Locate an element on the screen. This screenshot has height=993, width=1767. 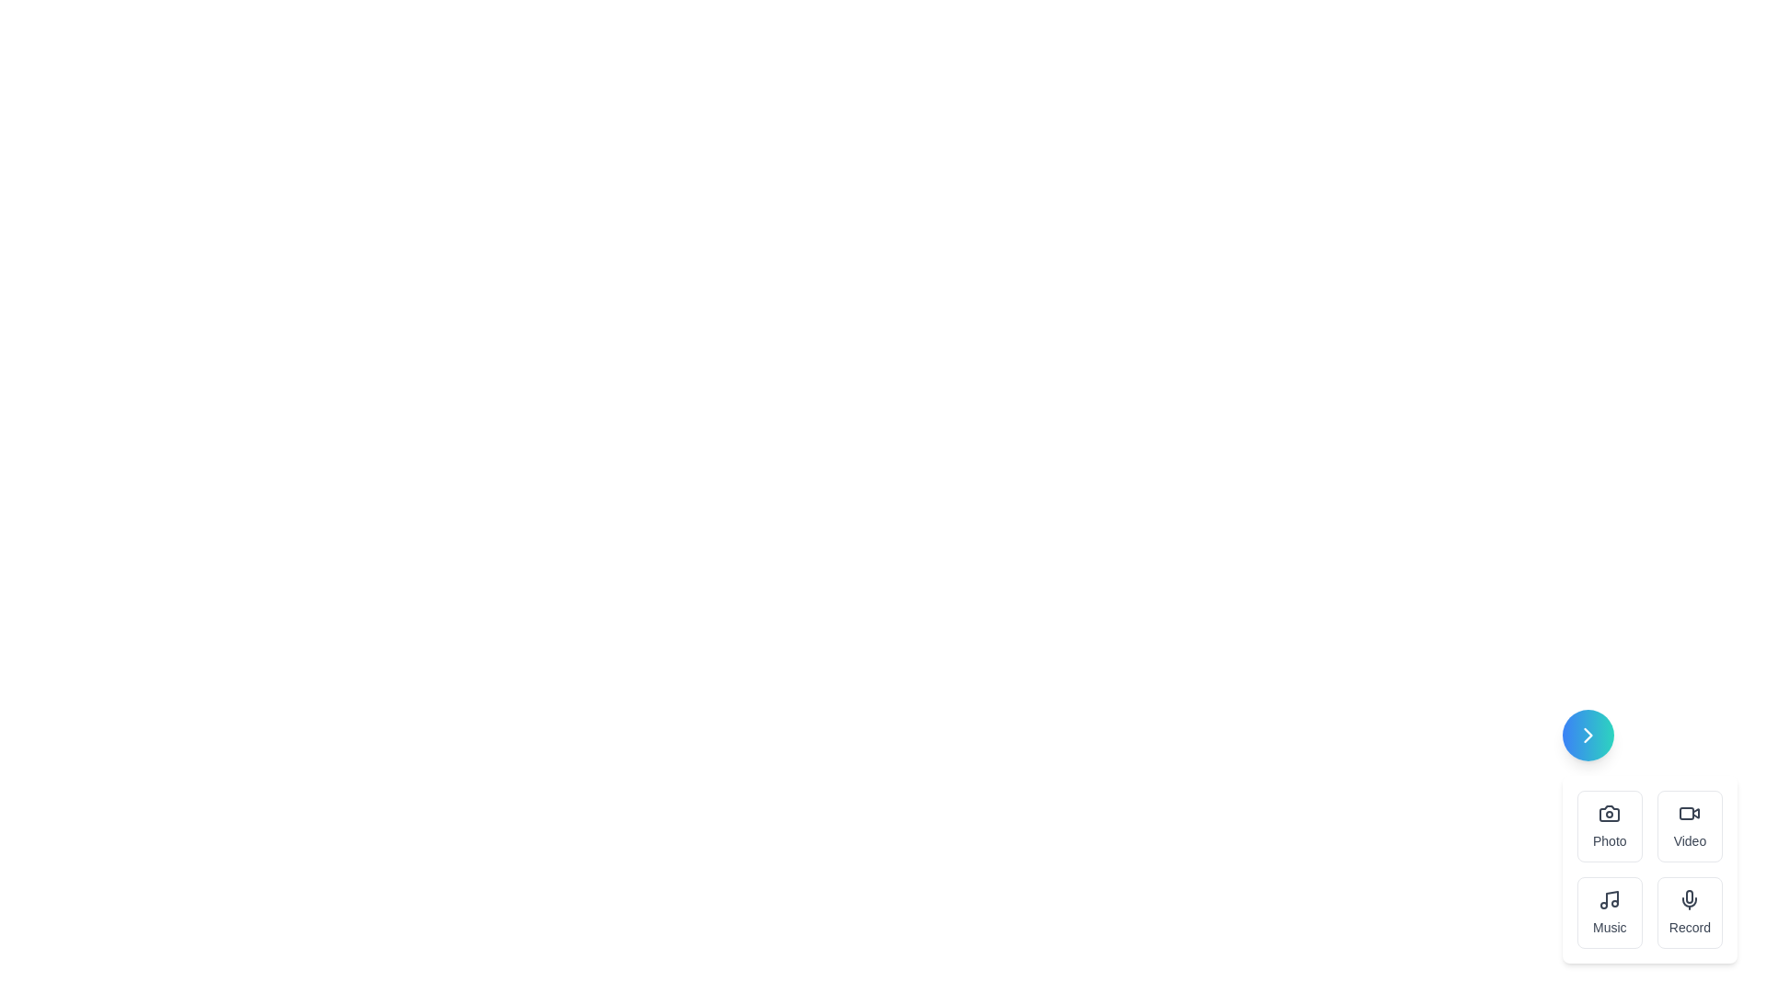
the Music button in the speed dial menu is located at coordinates (1608, 912).